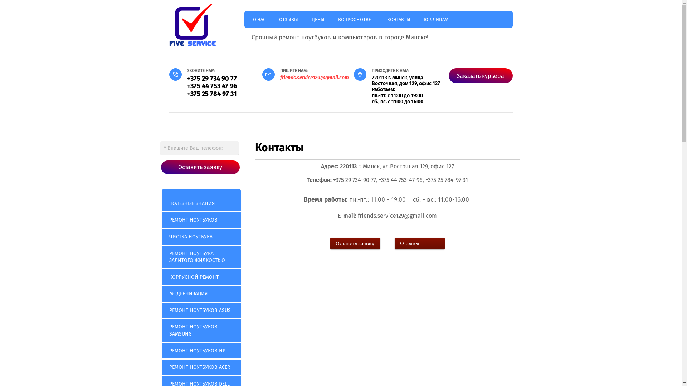  What do you see at coordinates (211, 93) in the screenshot?
I see `'+375 25 784 97 31'` at bounding box center [211, 93].